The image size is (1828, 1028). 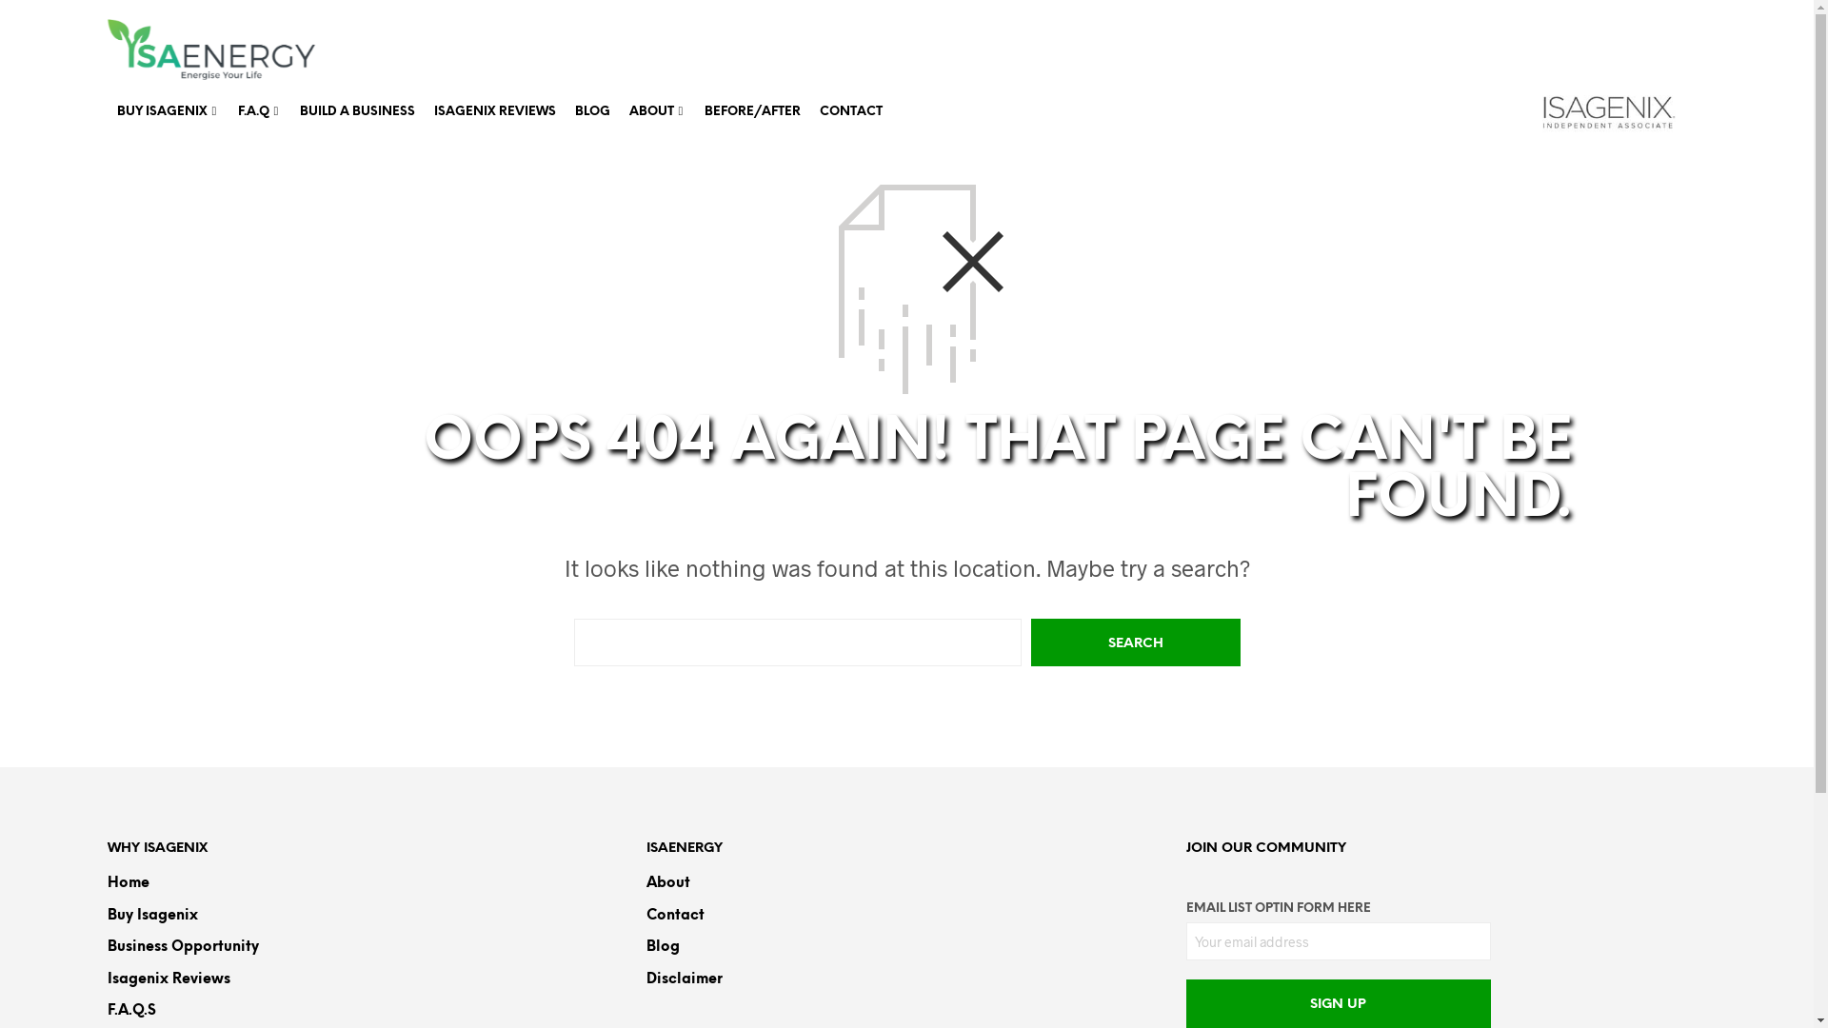 I want to click on 'BEFORE/AFTER', so click(x=751, y=111).